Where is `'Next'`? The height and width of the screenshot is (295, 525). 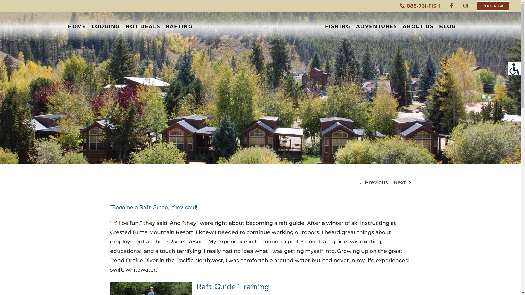
'Next' is located at coordinates (393, 182).